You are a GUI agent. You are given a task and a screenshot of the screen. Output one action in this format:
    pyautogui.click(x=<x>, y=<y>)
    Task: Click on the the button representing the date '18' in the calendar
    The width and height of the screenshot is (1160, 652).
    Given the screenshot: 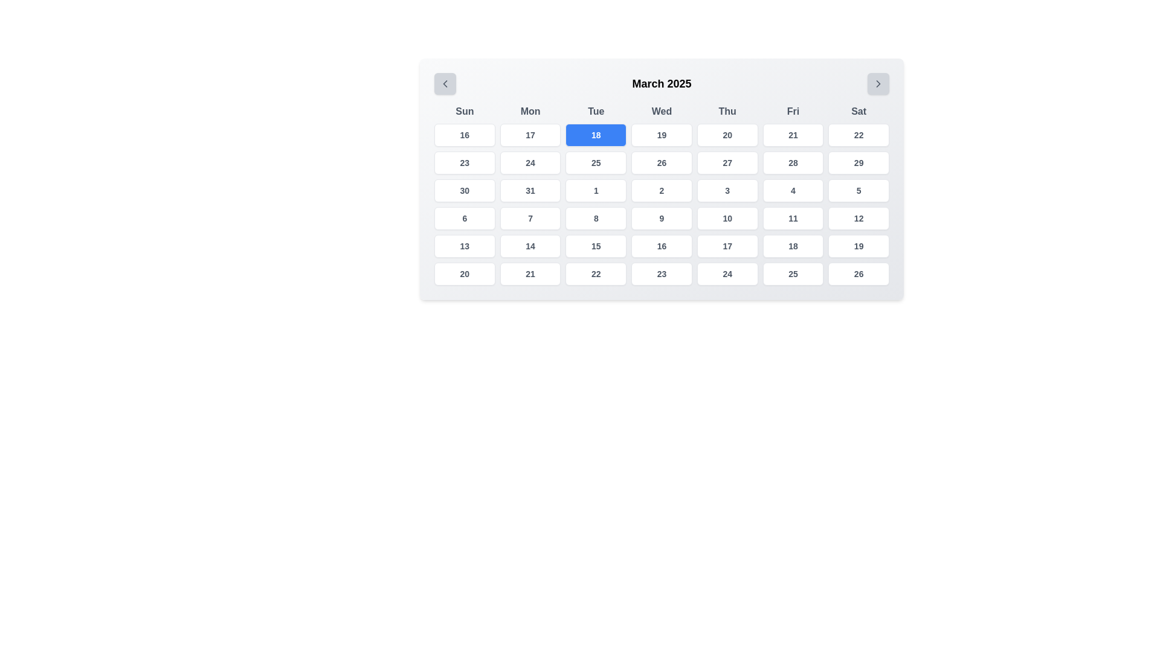 What is the action you would take?
    pyautogui.click(x=596, y=135)
    